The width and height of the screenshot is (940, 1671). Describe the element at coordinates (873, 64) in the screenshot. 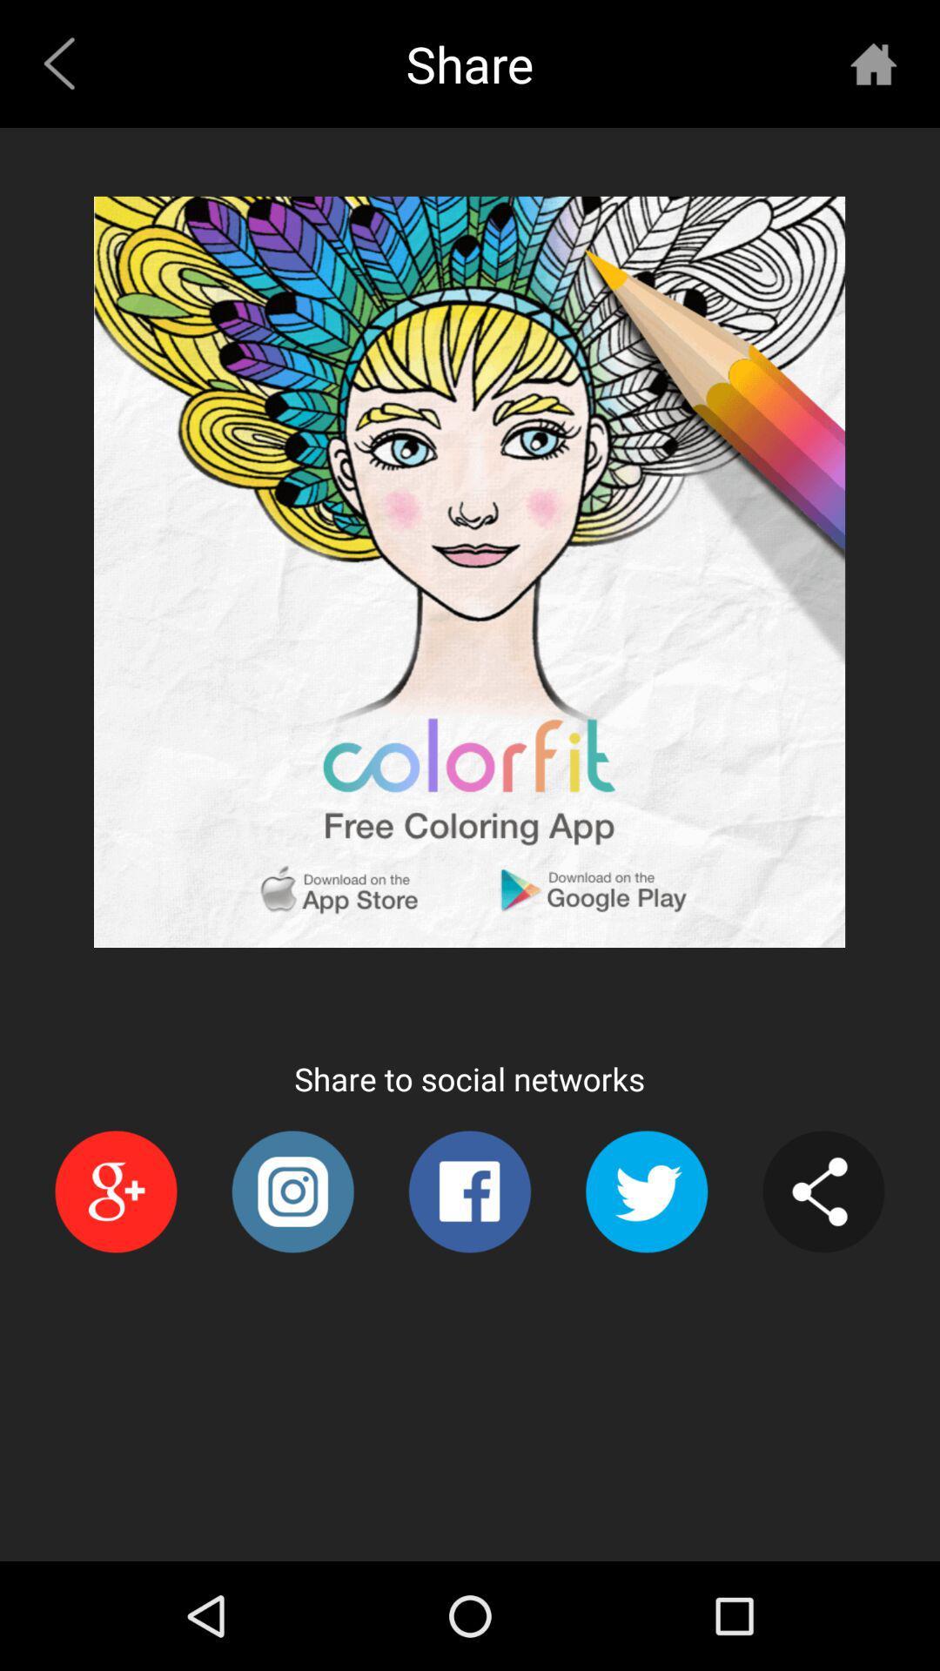

I see `item at the top right corner` at that location.